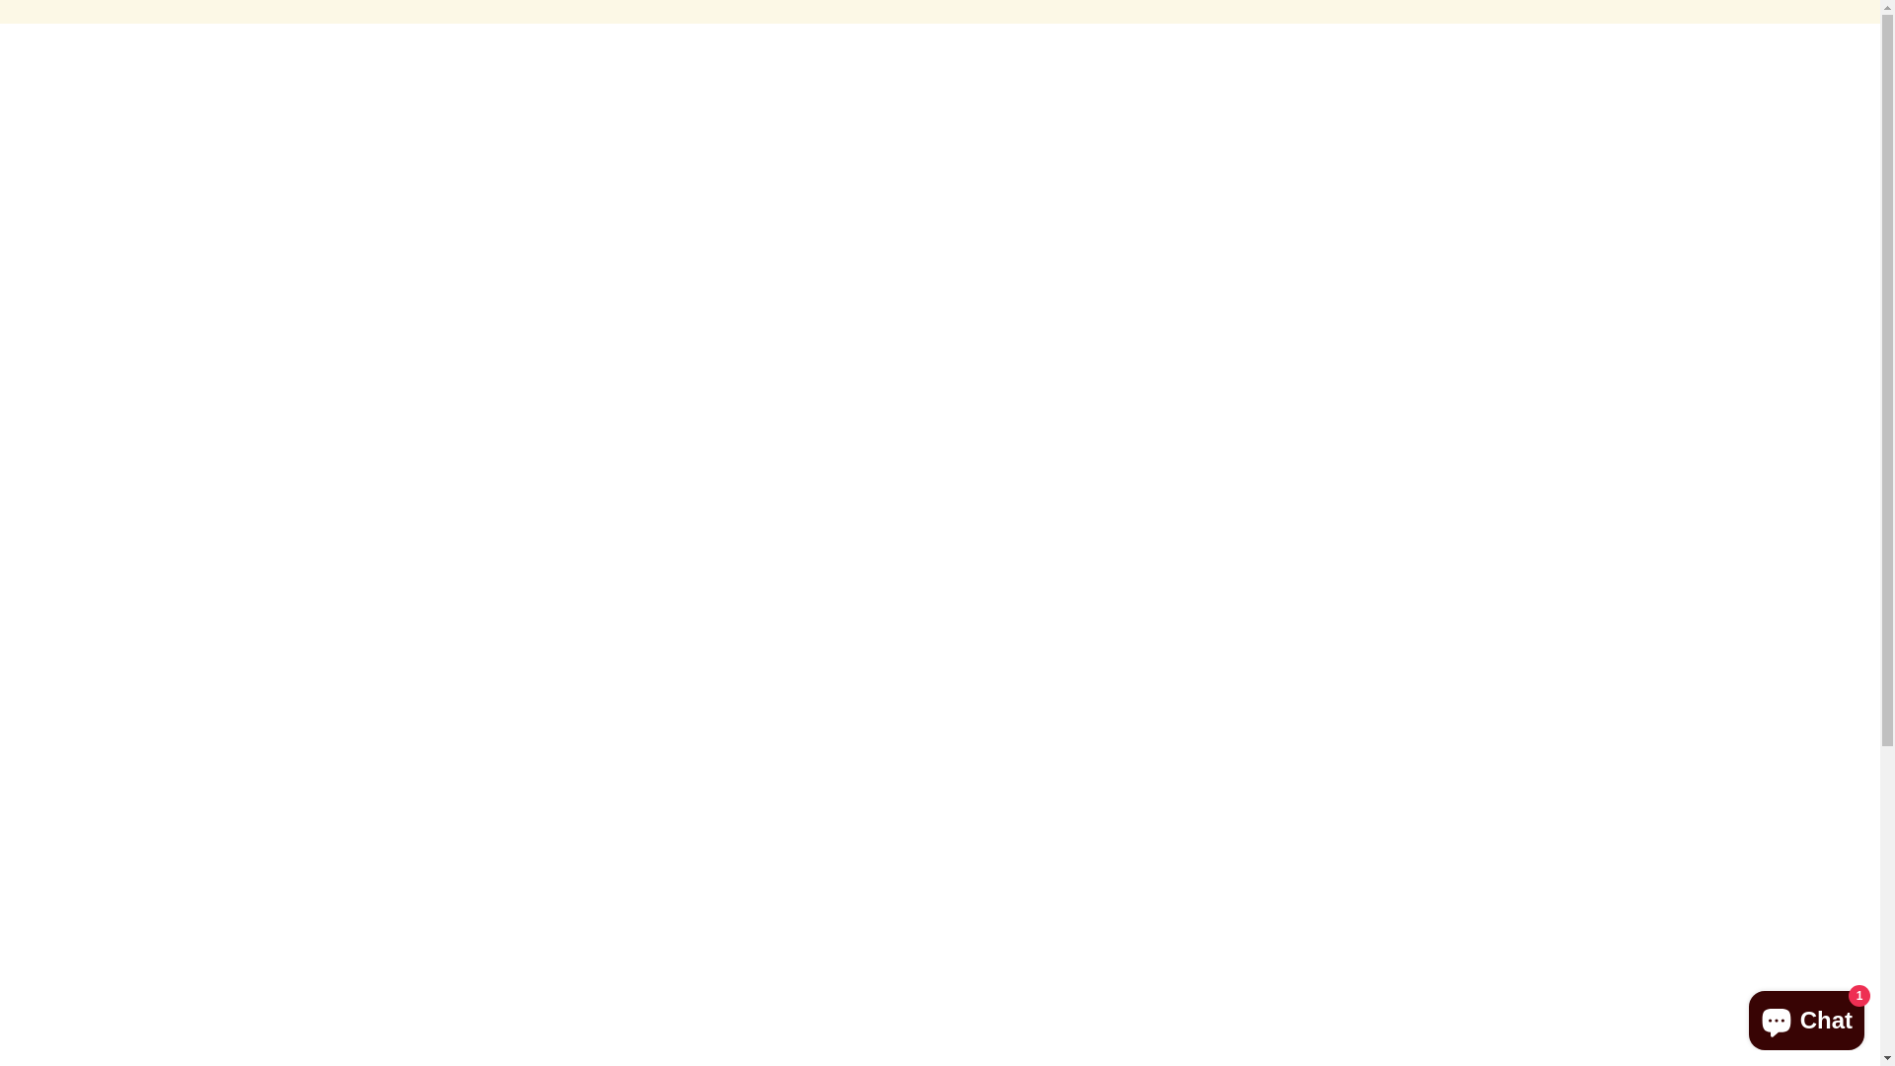 The image size is (1895, 1066). Describe the element at coordinates (713, 820) in the screenshot. I see `'Refund policy'` at that location.